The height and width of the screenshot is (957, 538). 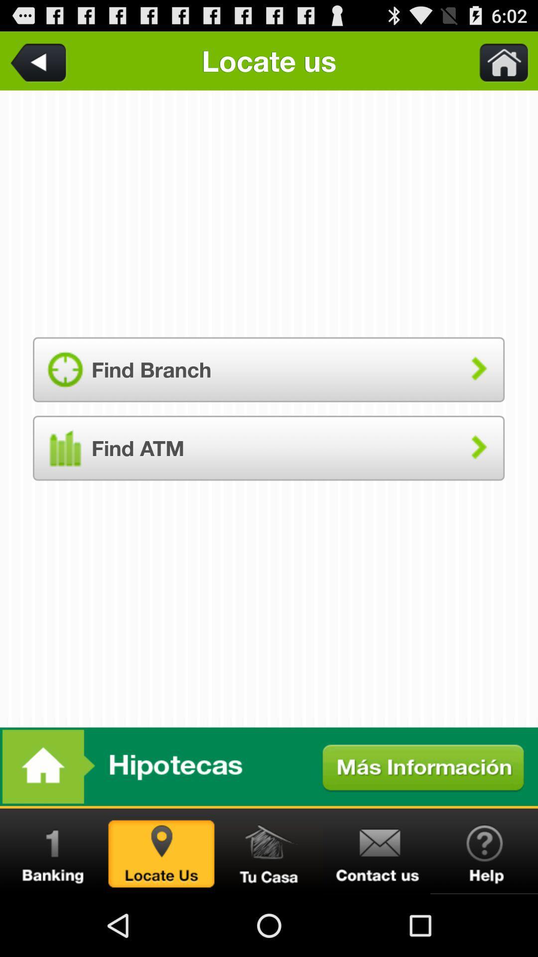 What do you see at coordinates (269, 851) in the screenshot?
I see `home` at bounding box center [269, 851].